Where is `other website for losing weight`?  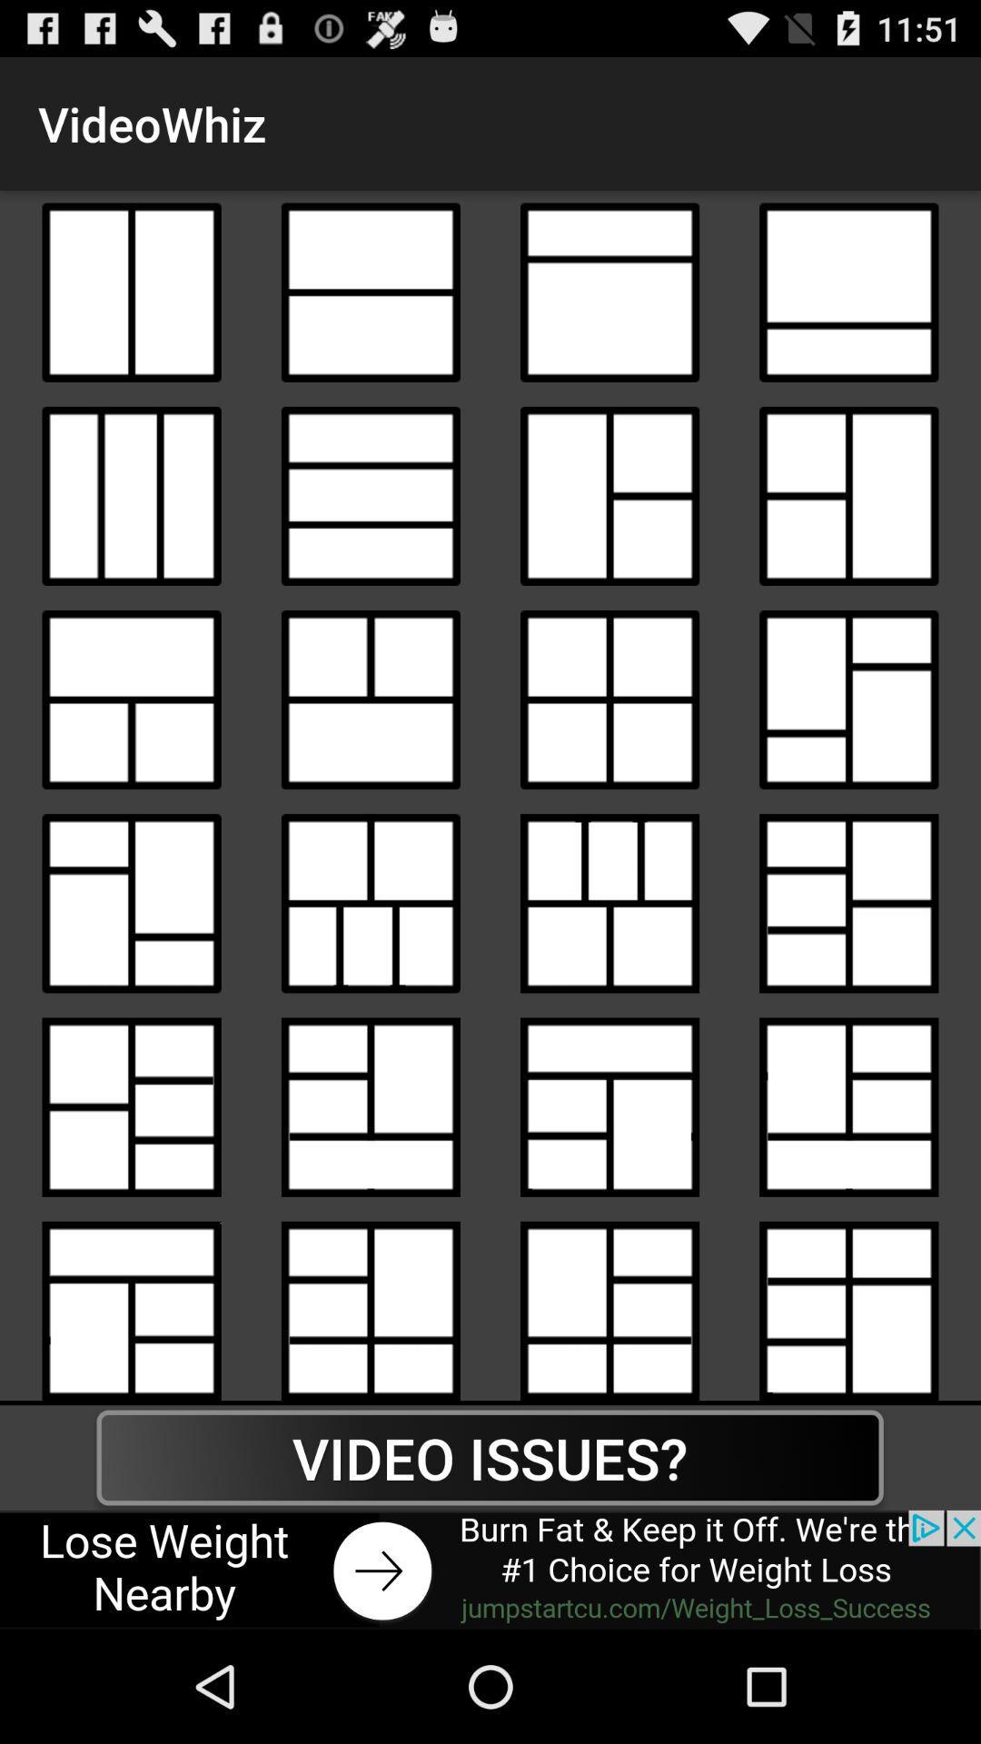
other website for losing weight is located at coordinates (490, 1569).